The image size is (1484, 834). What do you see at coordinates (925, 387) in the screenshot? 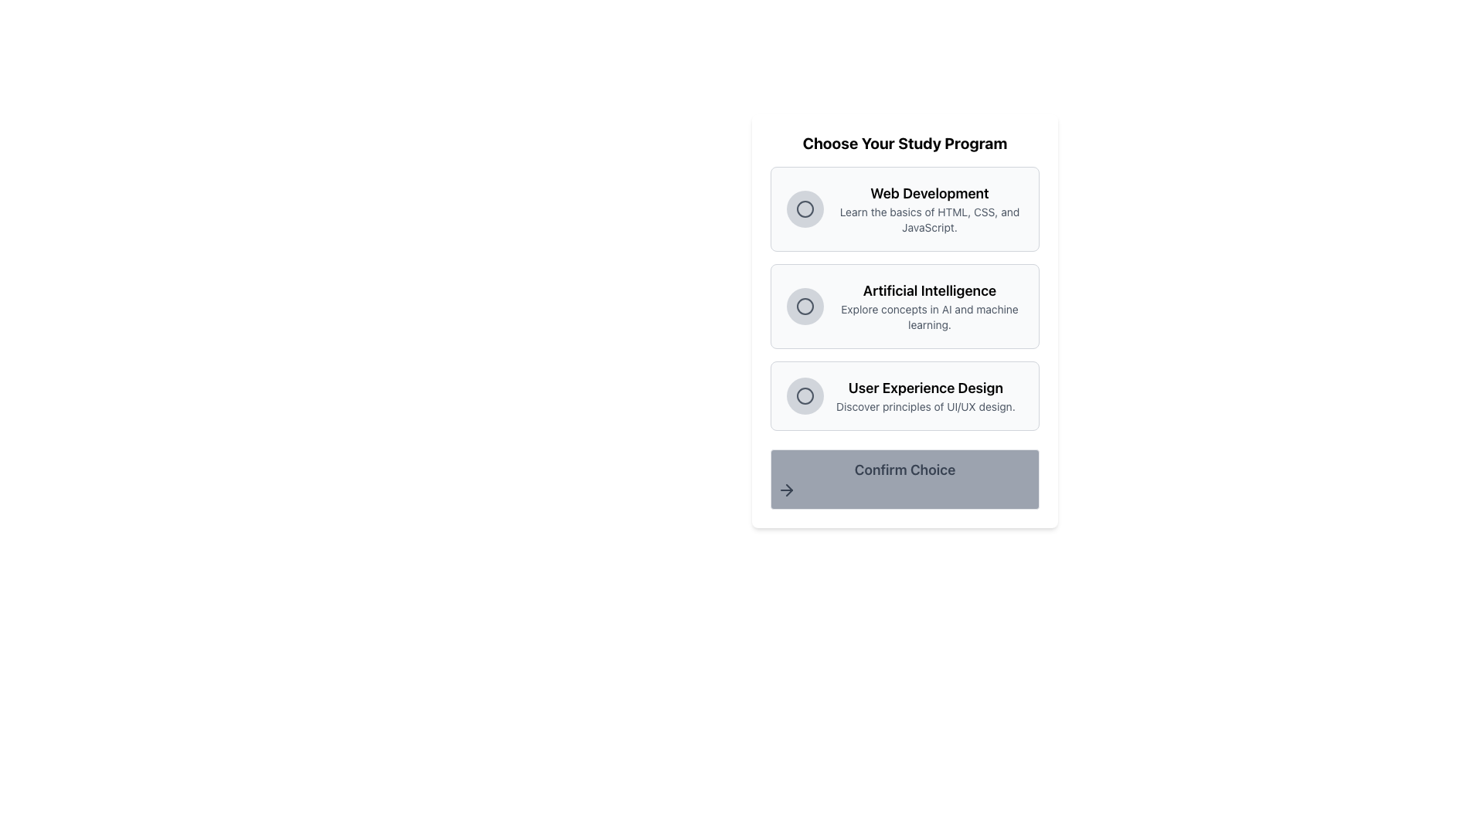
I see `the text label that displays the title of the selection option, which is positioned above the 'Confirm Choice' button and below the 'Web Development' and 'Artificial Intelligence' groupings` at bounding box center [925, 387].